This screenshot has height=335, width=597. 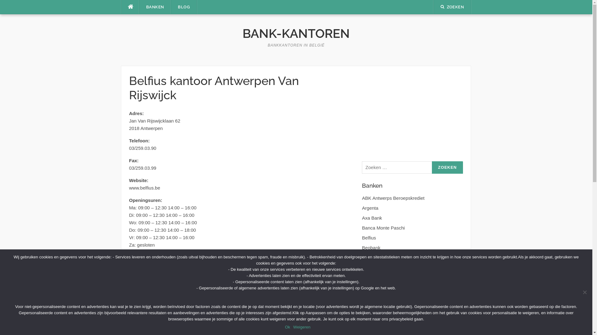 What do you see at coordinates (296, 33) in the screenshot?
I see `'BANK-KANTOREN'` at bounding box center [296, 33].